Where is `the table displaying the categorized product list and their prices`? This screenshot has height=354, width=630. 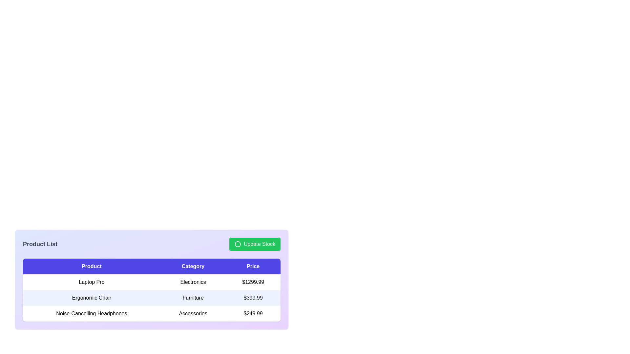
the table displaying the categorized product list and their prices is located at coordinates (151, 289).